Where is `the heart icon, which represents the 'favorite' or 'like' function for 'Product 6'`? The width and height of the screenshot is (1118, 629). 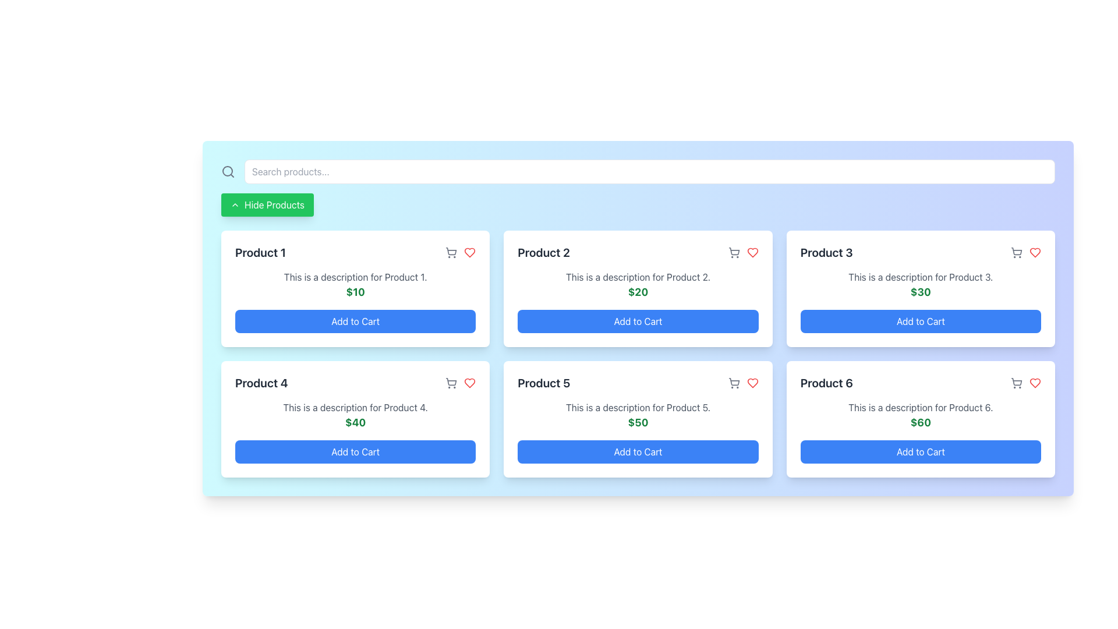
the heart icon, which represents the 'favorite' or 'like' function for 'Product 6' is located at coordinates (1035, 383).